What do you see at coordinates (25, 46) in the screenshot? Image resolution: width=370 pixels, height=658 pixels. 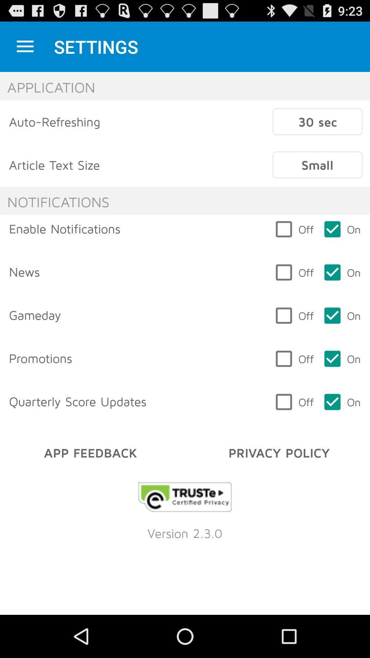 I see `more settings options` at bounding box center [25, 46].